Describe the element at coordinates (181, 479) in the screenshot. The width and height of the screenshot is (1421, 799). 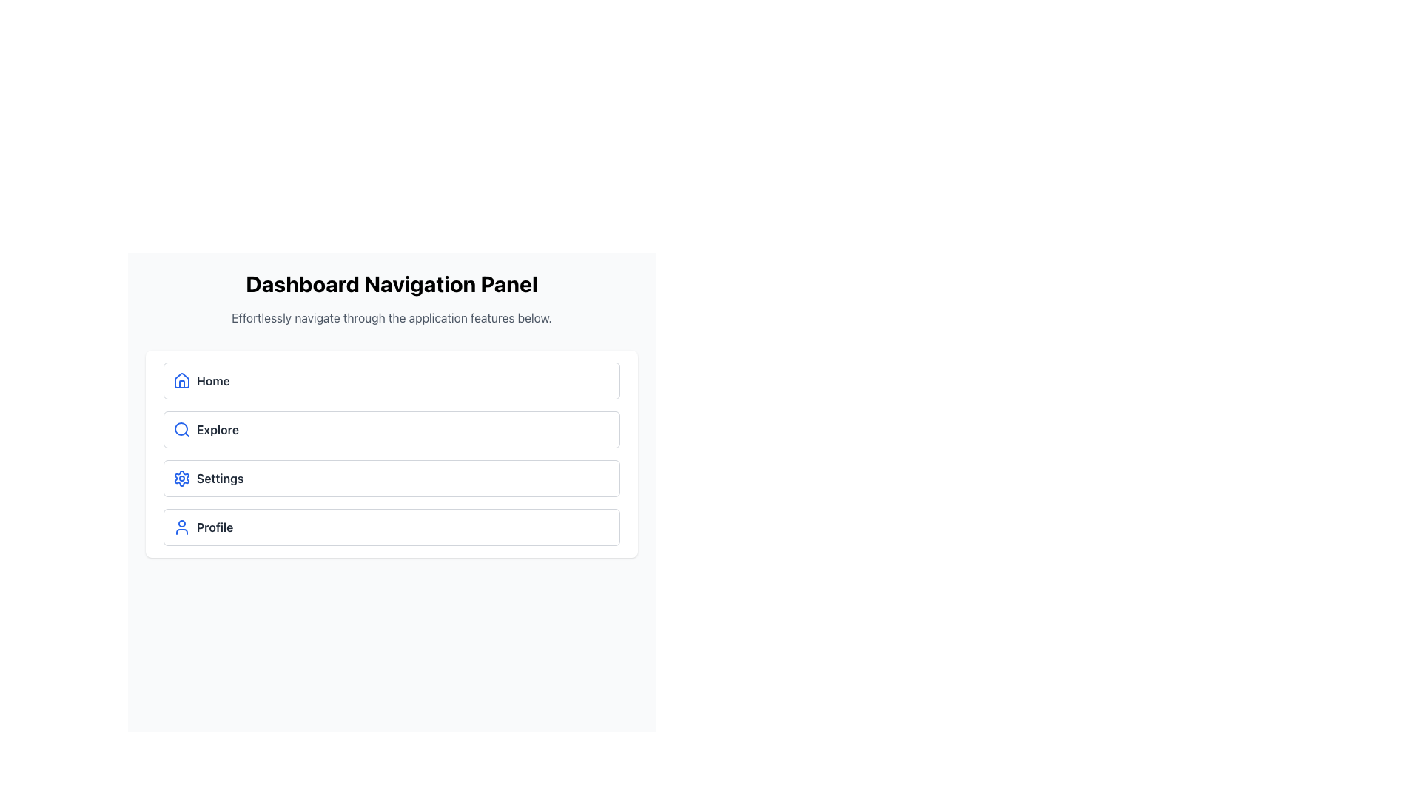
I see `the settings icon in the navigation panel` at that location.